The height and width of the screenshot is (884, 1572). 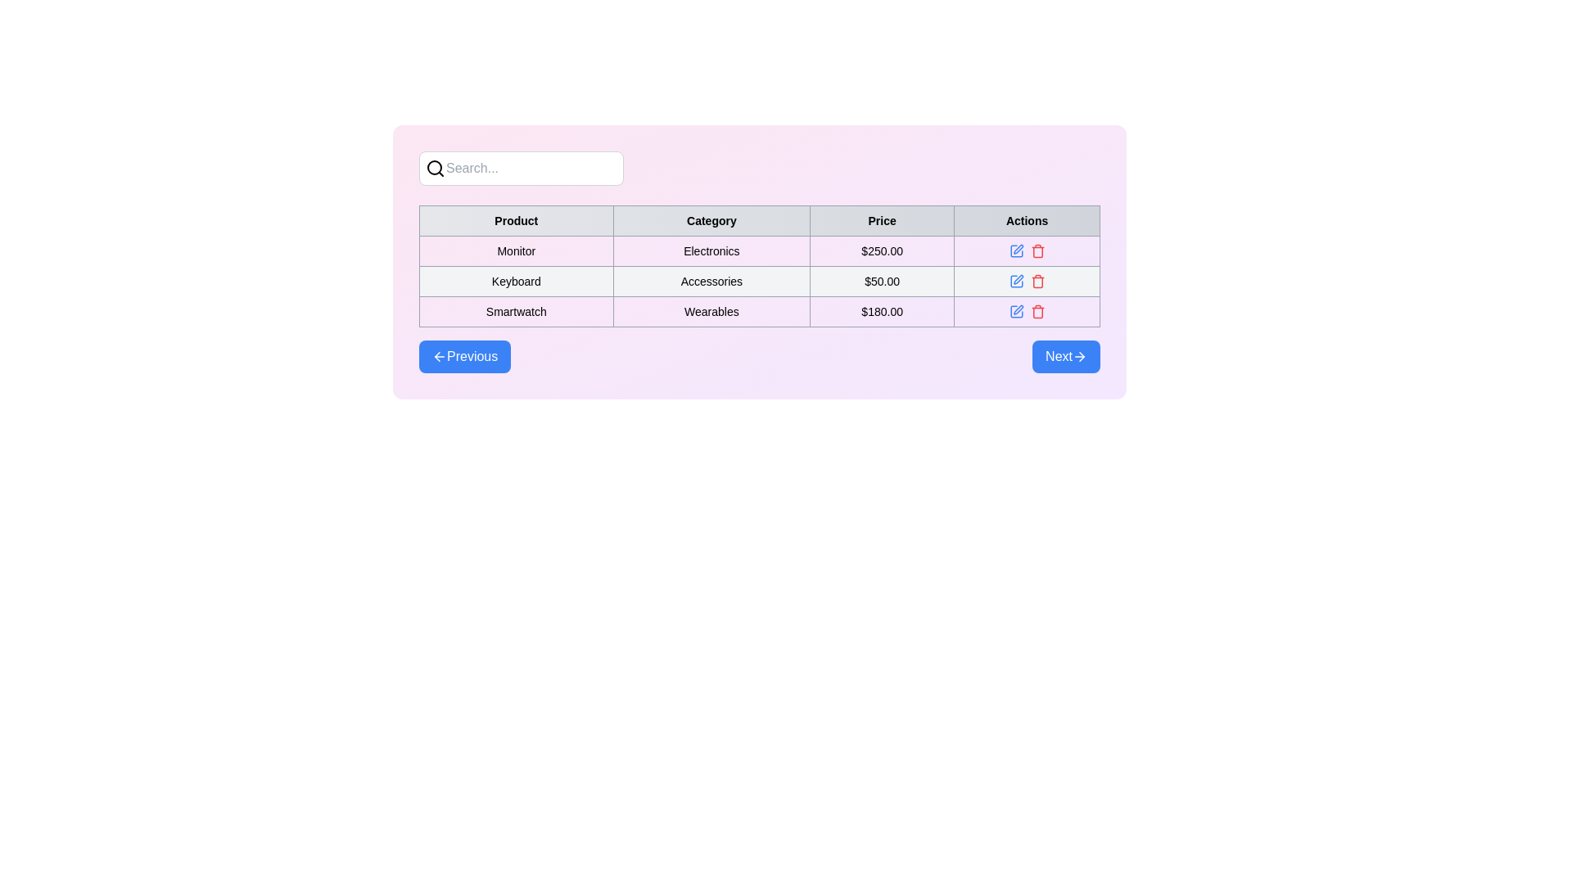 What do you see at coordinates (758, 280) in the screenshot?
I see `the second row of the product table displaying 'Keyboard', 'Accessories', and '$50.00'` at bounding box center [758, 280].